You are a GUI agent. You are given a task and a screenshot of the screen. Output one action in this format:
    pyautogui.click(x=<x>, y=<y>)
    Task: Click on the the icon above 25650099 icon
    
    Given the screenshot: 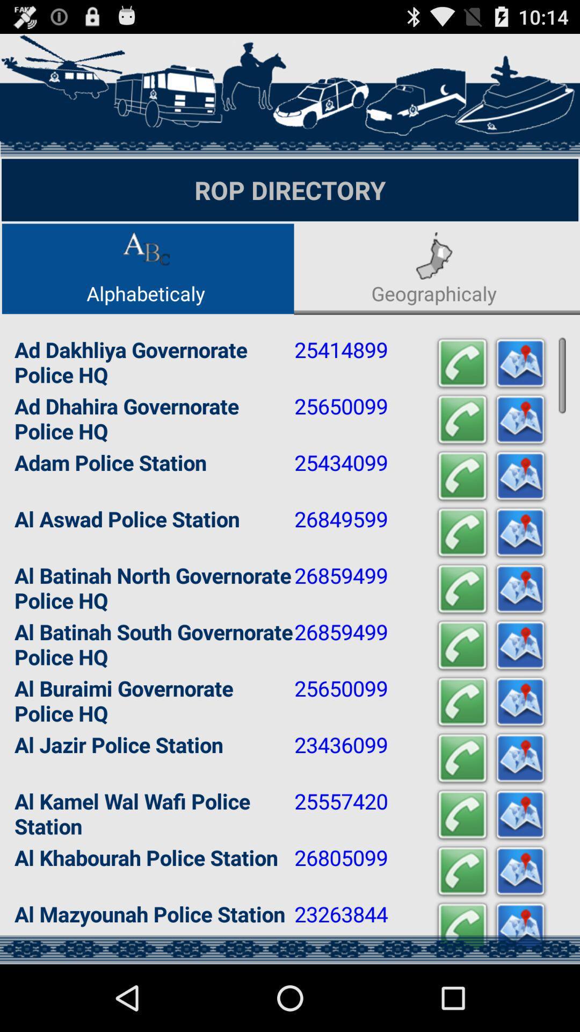 What is the action you would take?
    pyautogui.click(x=461, y=645)
    